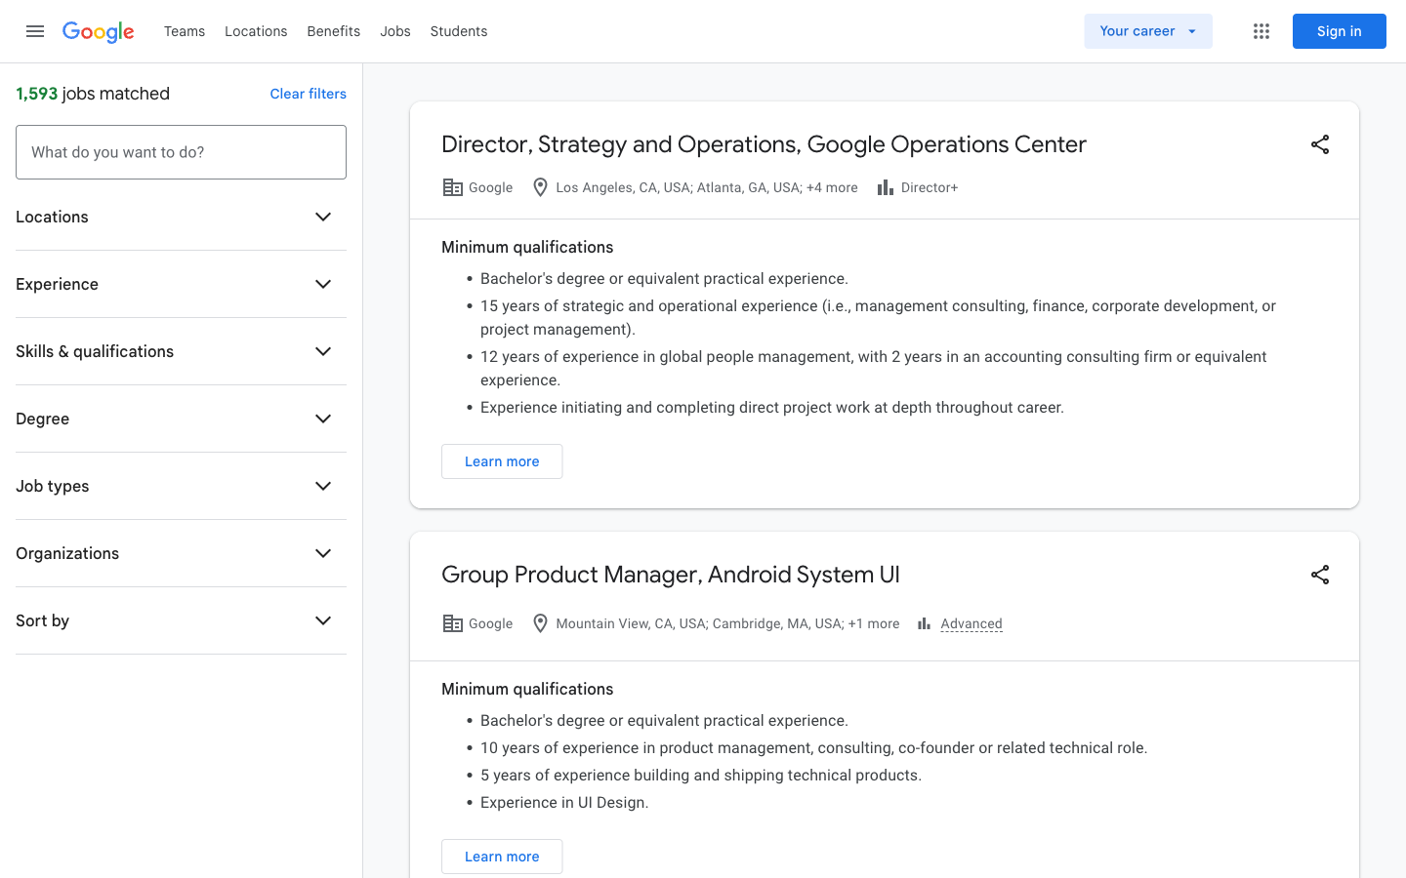 Image resolution: width=1406 pixels, height=878 pixels. I want to click on Activate the "Sort by" feature, so click(323, 620).